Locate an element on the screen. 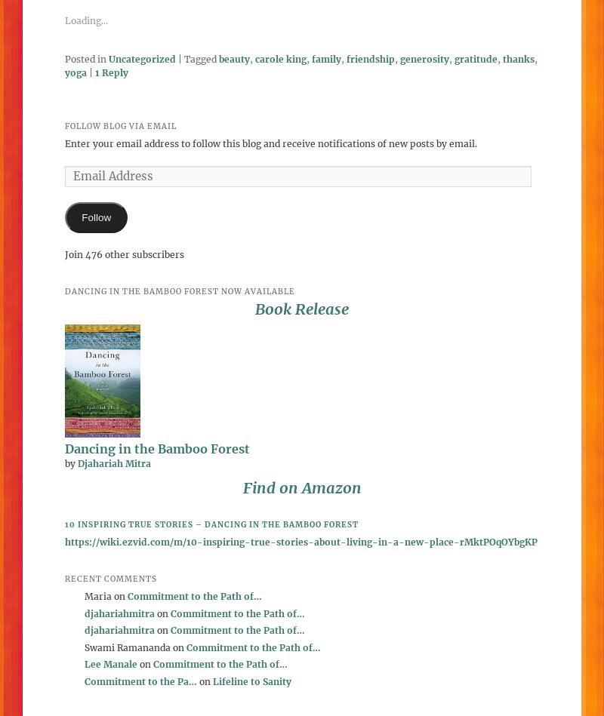  'by' is located at coordinates (65, 462).